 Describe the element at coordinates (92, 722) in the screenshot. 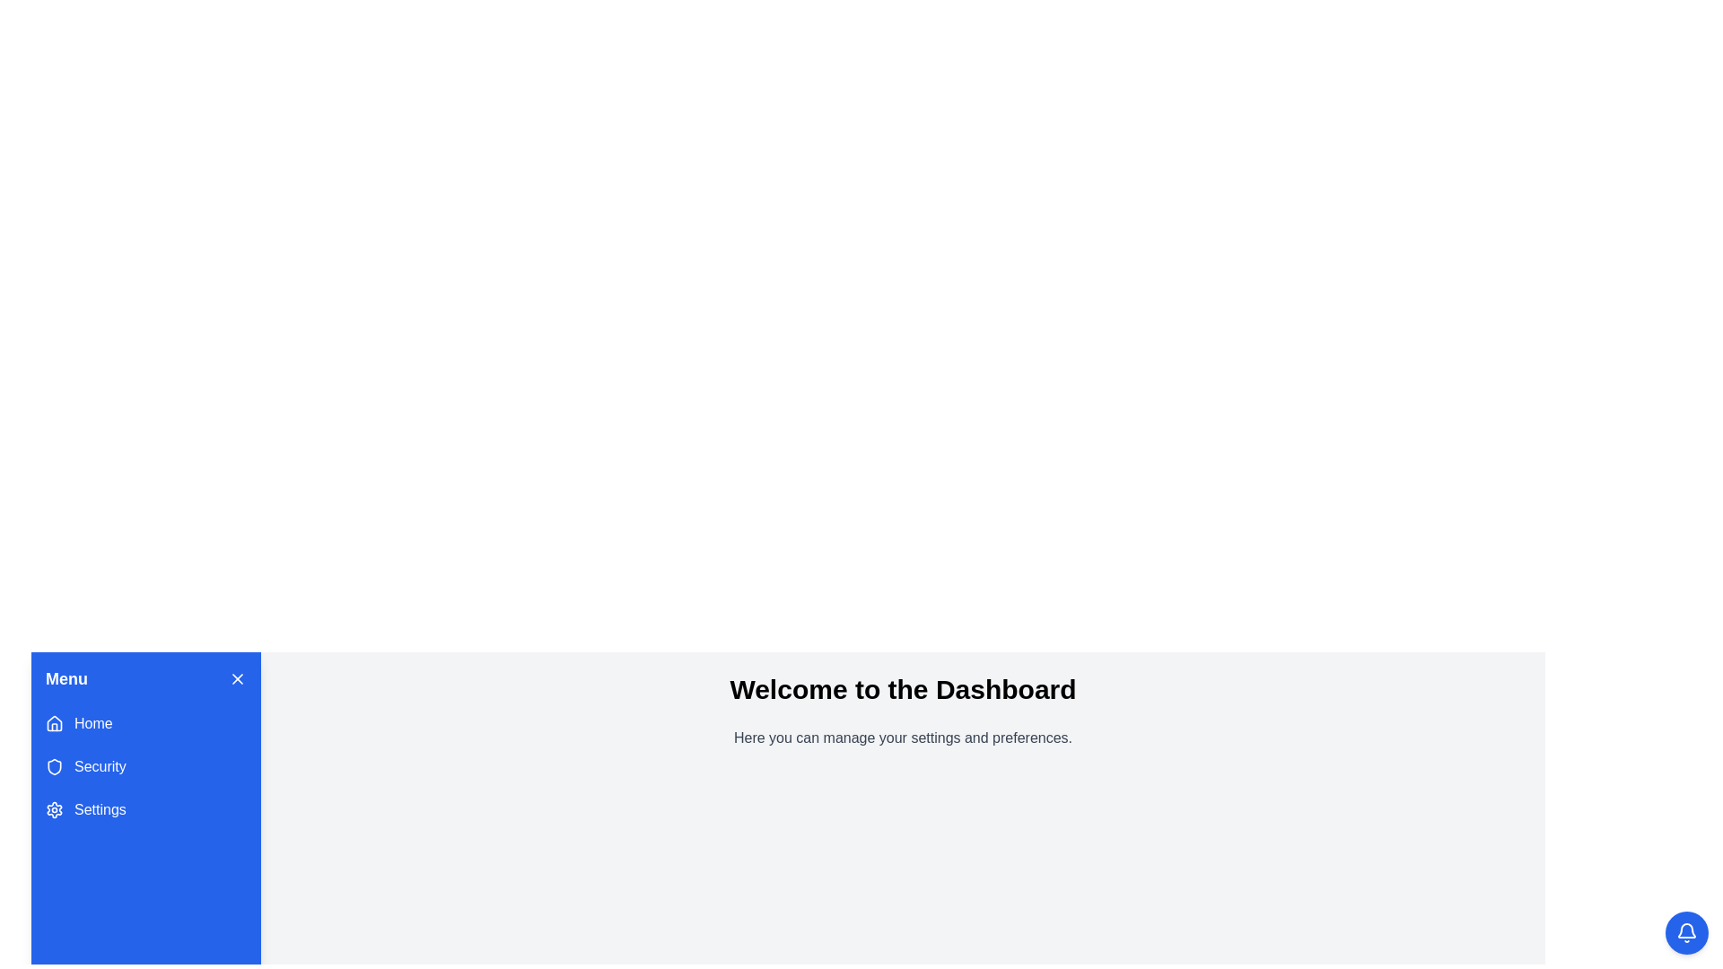

I see `the top-most text label in the left-side navigation menu that acts as a navigation link to the homepage, adjacent to a house icon` at that location.